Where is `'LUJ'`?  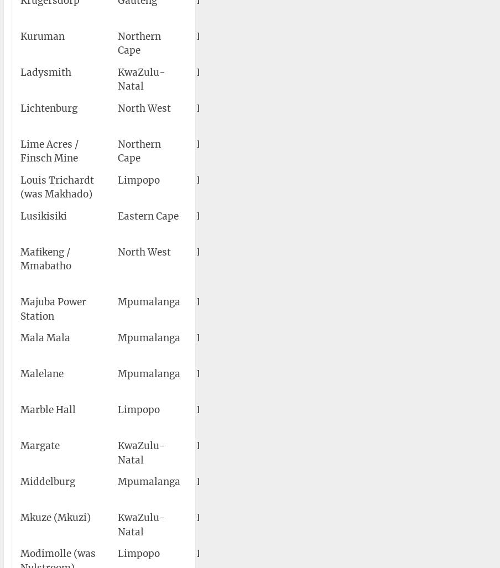 'LUJ' is located at coordinates (244, 215).